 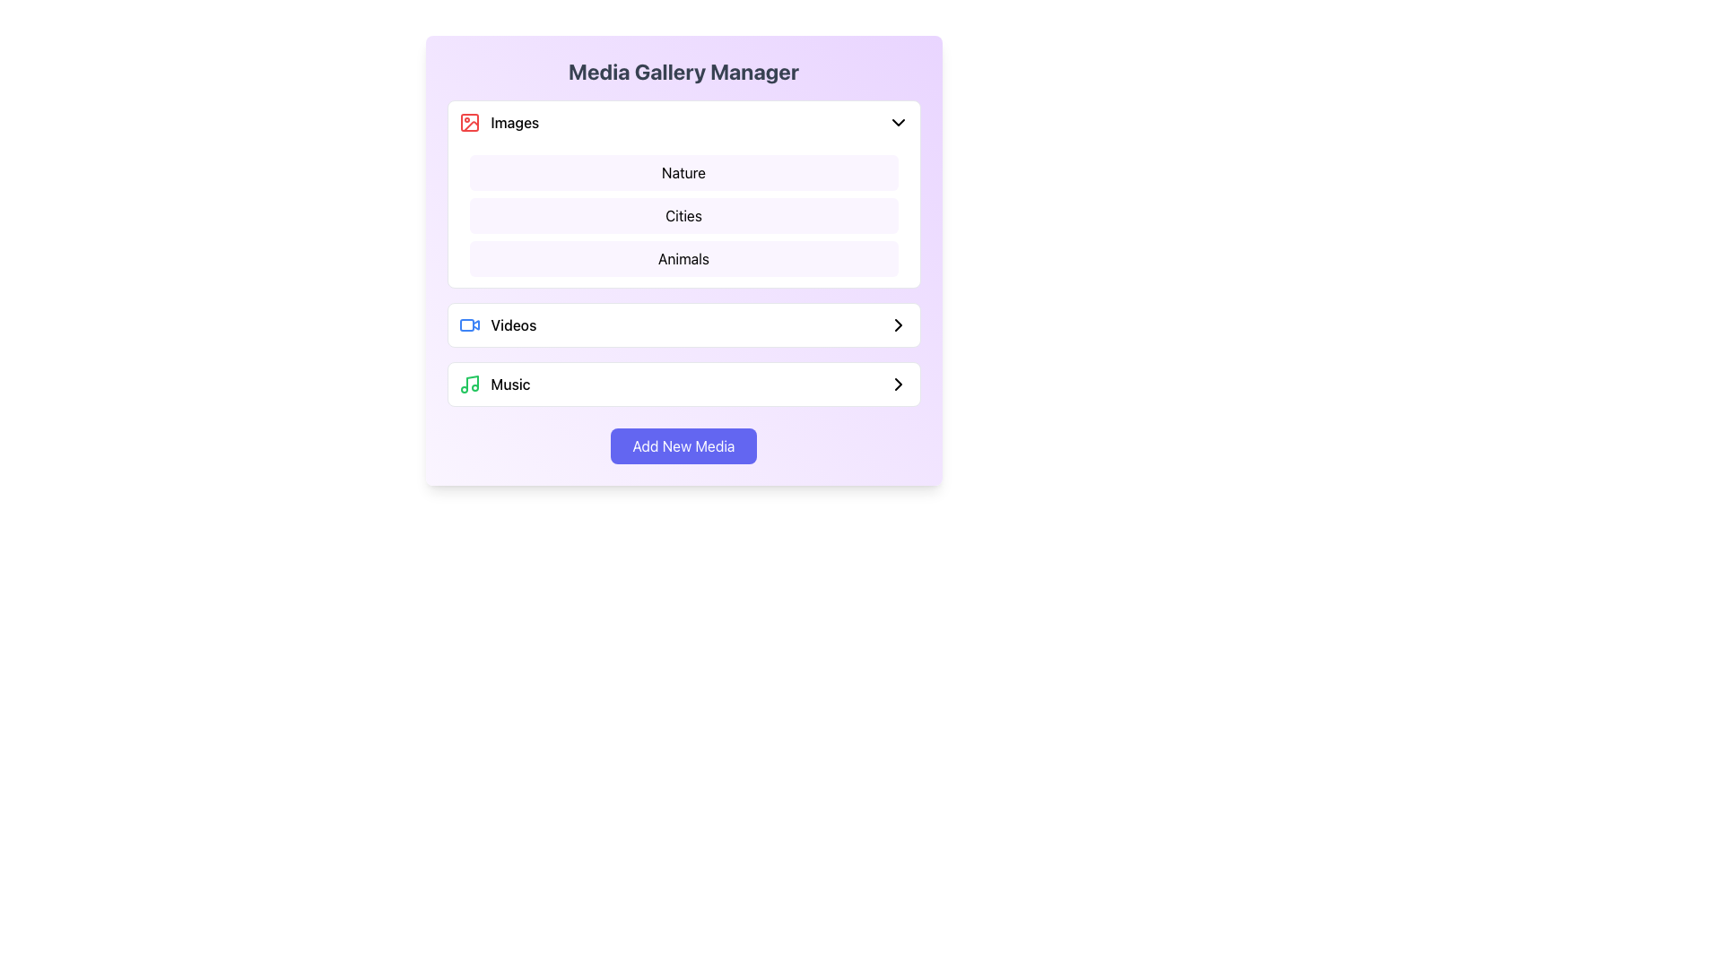 I want to click on the video icon located in the second row of the media type listings within the 'Media Gallery Manager' interface, immediately to the left of the text 'Videos', so click(x=469, y=324).